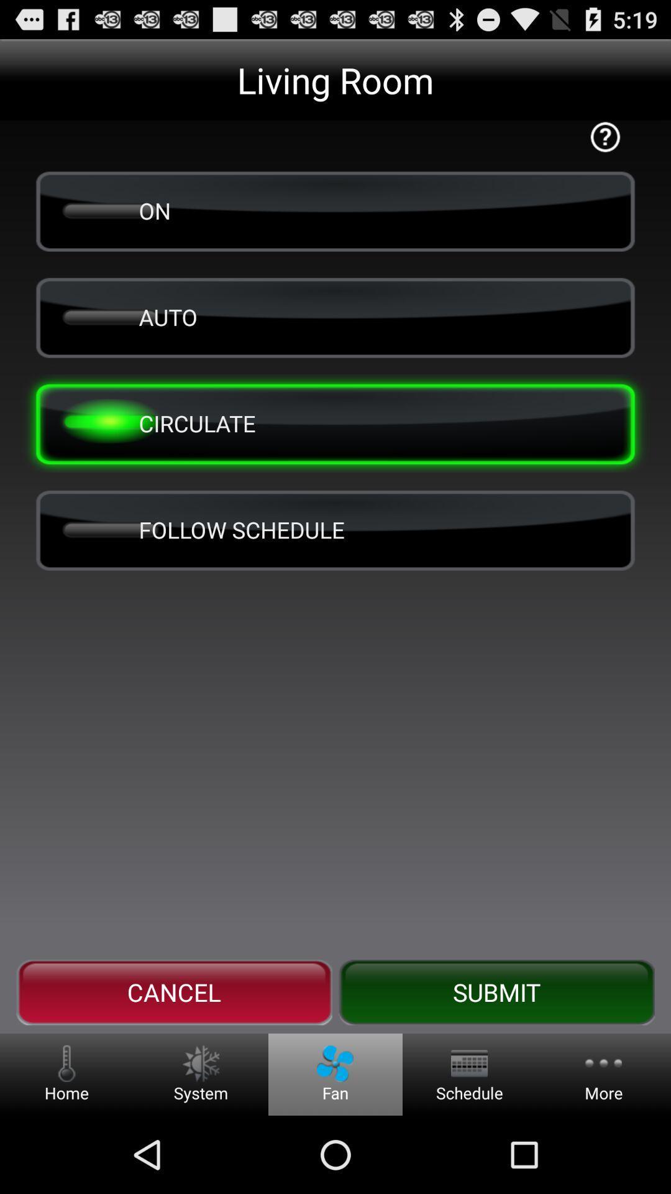 This screenshot has height=1194, width=671. I want to click on the on button, so click(335, 211).